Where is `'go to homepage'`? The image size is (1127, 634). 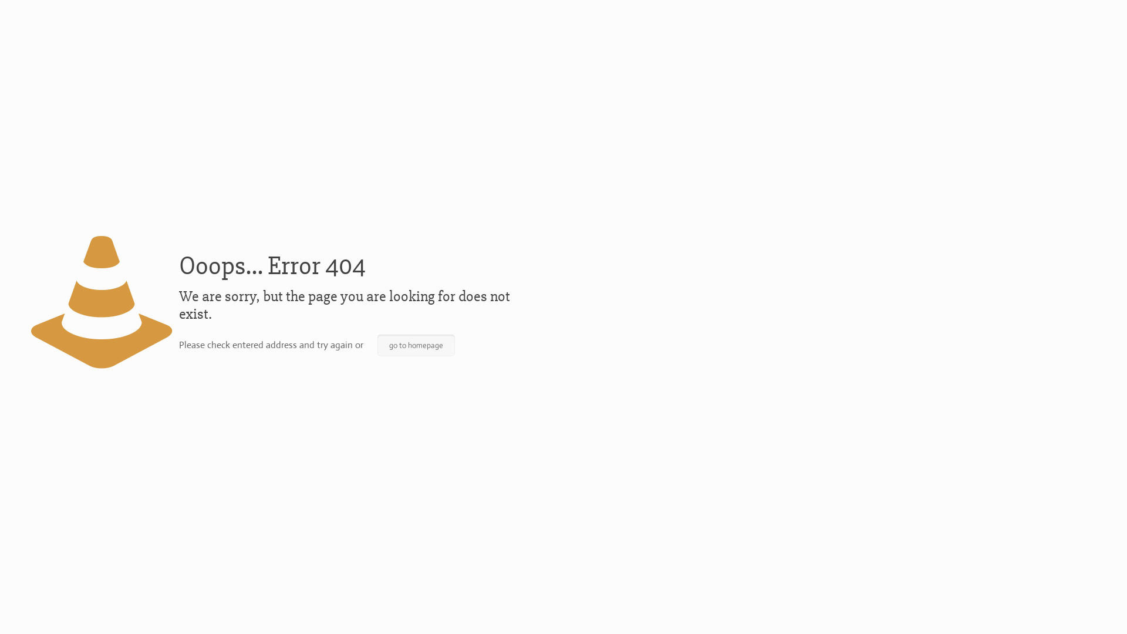 'go to homepage' is located at coordinates (416, 345).